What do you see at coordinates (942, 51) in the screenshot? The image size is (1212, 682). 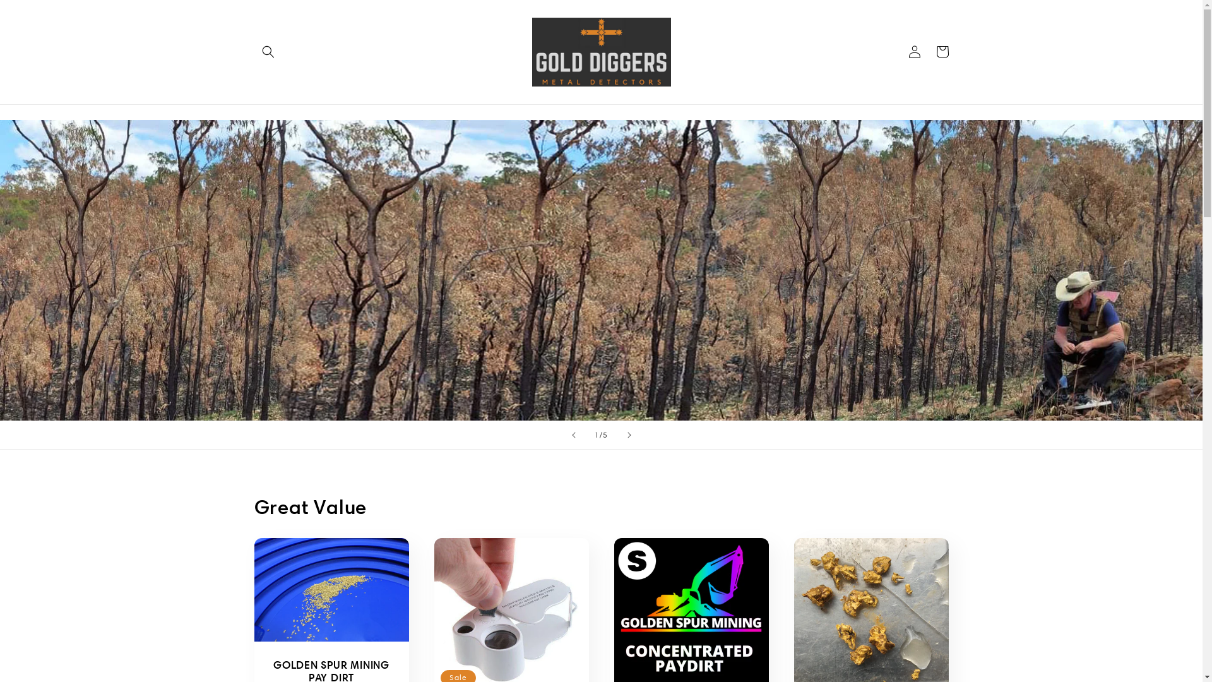 I see `'Cart'` at bounding box center [942, 51].